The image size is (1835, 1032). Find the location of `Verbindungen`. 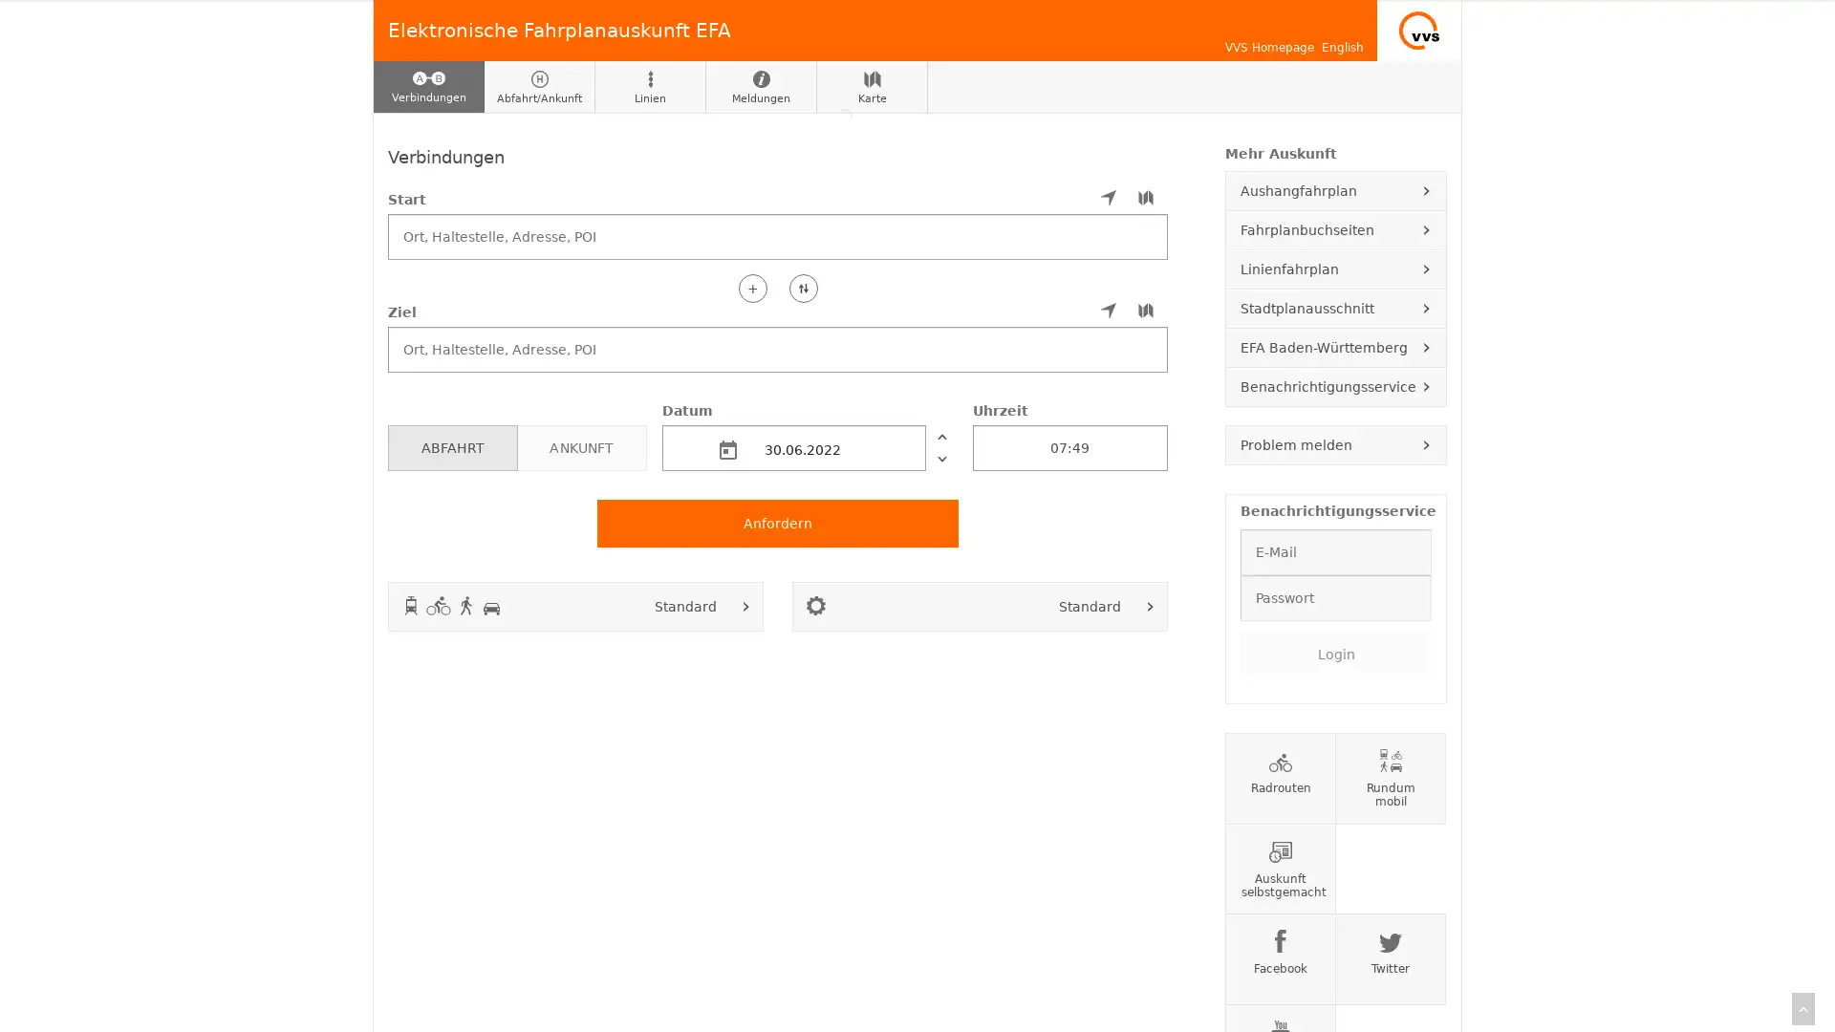

Verbindungen is located at coordinates (428, 87).